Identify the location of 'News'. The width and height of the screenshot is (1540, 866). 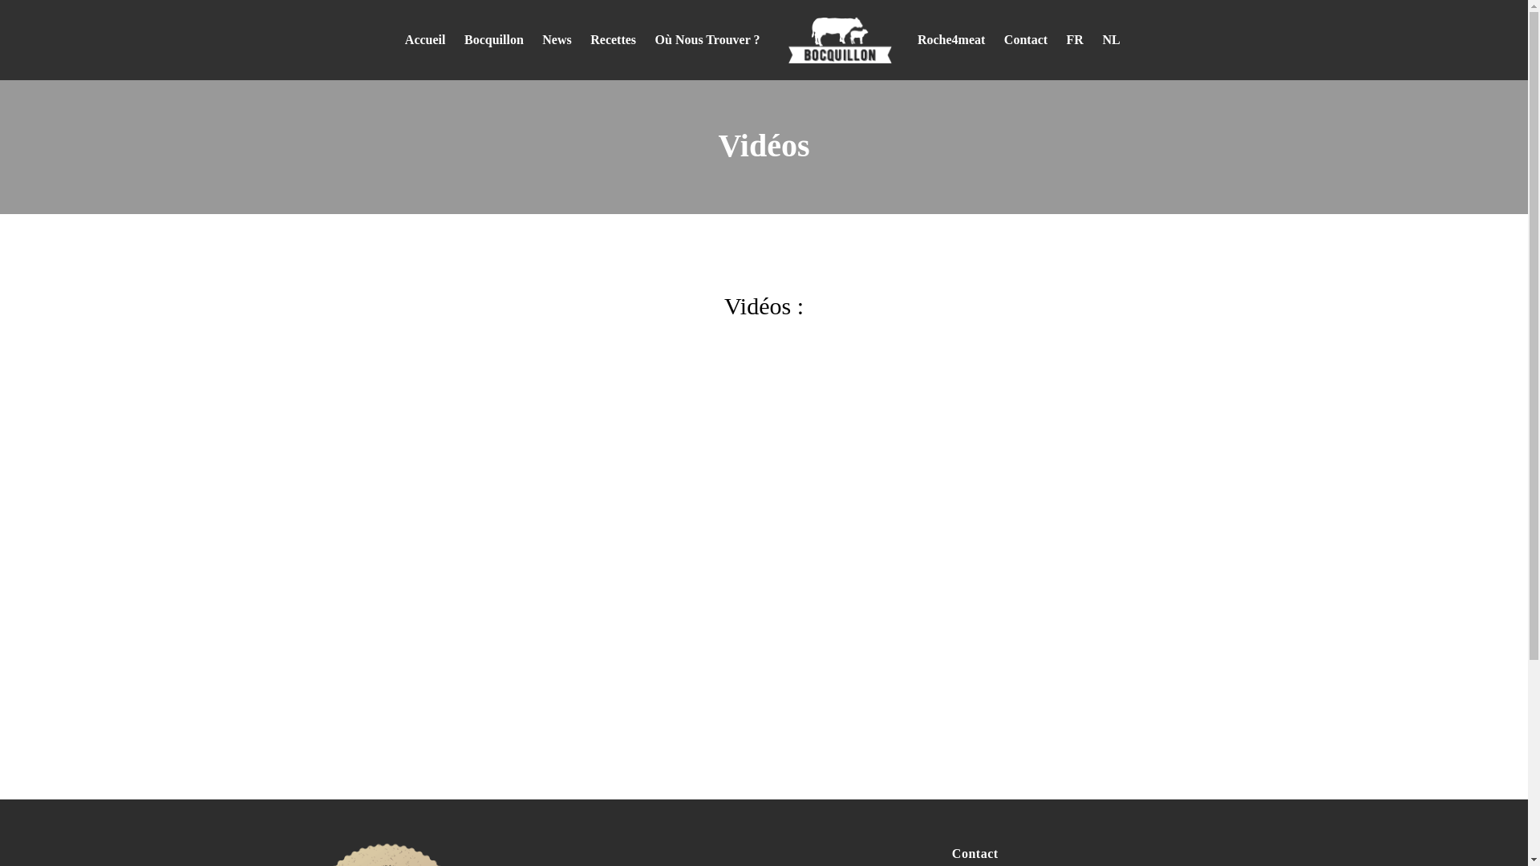
(557, 39).